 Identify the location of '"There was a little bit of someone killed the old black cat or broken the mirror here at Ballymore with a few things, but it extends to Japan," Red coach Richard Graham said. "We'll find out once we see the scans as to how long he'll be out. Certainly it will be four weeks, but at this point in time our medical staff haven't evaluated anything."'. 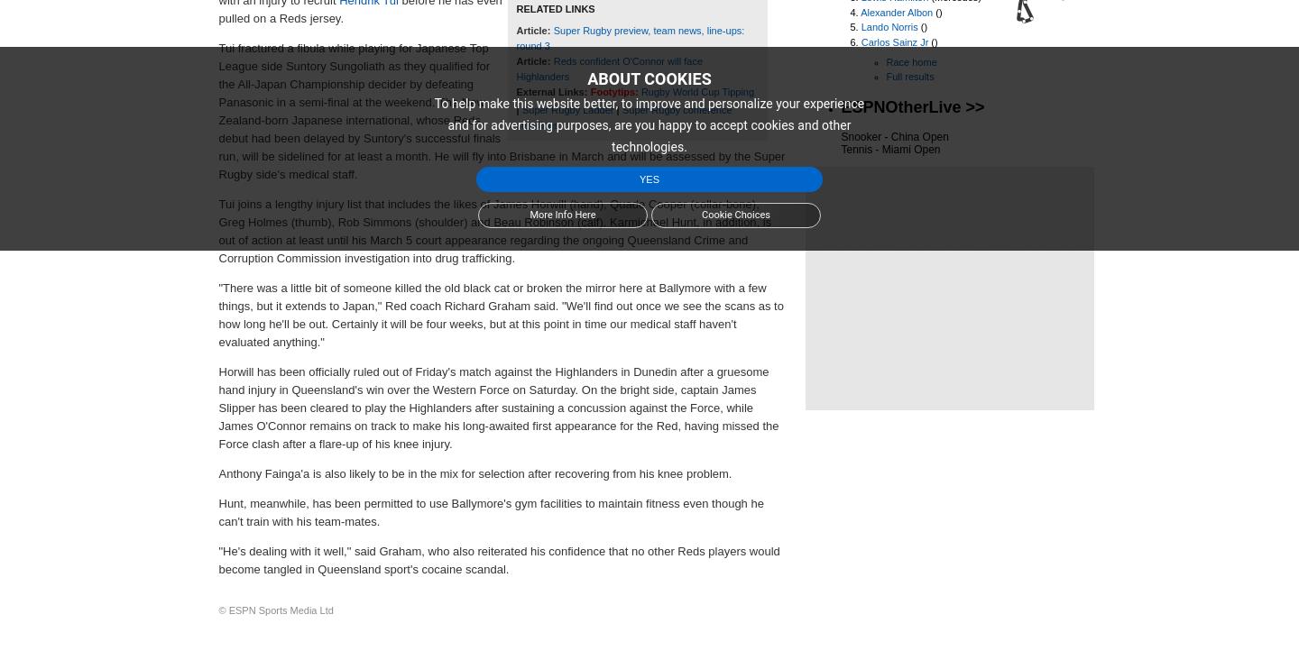
(217, 314).